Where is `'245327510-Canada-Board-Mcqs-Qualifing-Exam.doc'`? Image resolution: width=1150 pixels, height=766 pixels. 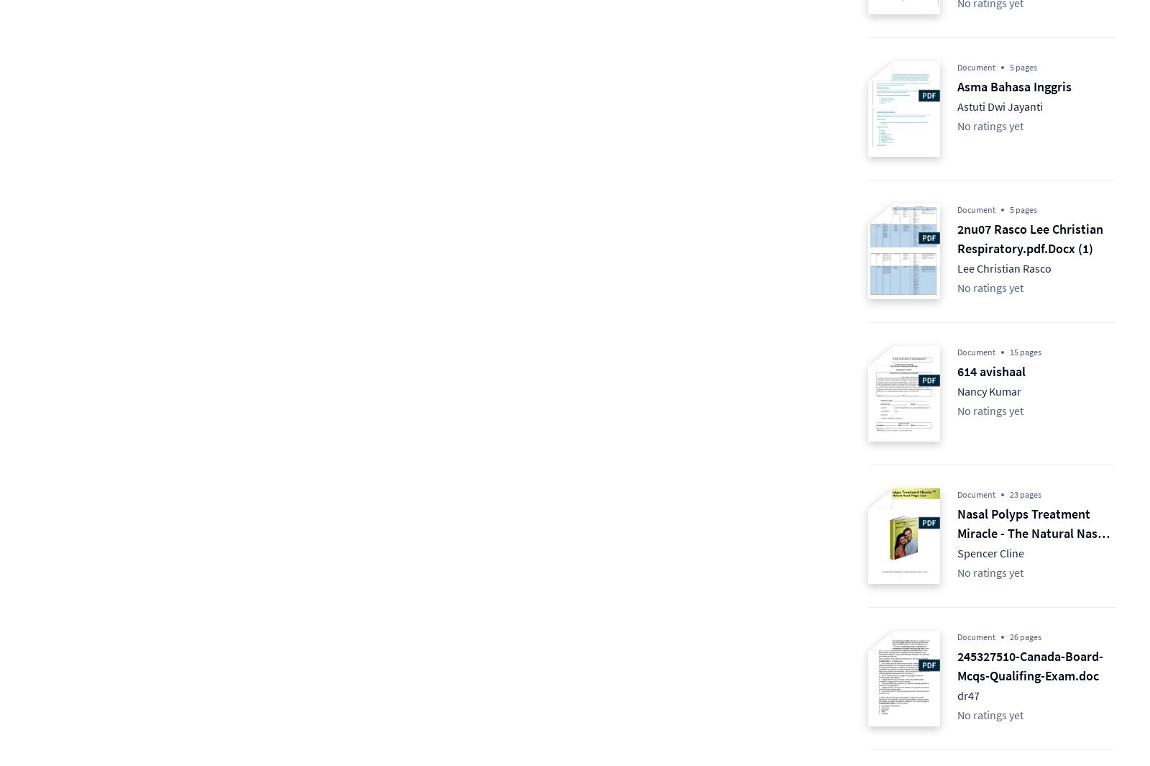 '245327510-Canada-Board-Mcqs-Qualifing-Exam.doc' is located at coordinates (1030, 666).